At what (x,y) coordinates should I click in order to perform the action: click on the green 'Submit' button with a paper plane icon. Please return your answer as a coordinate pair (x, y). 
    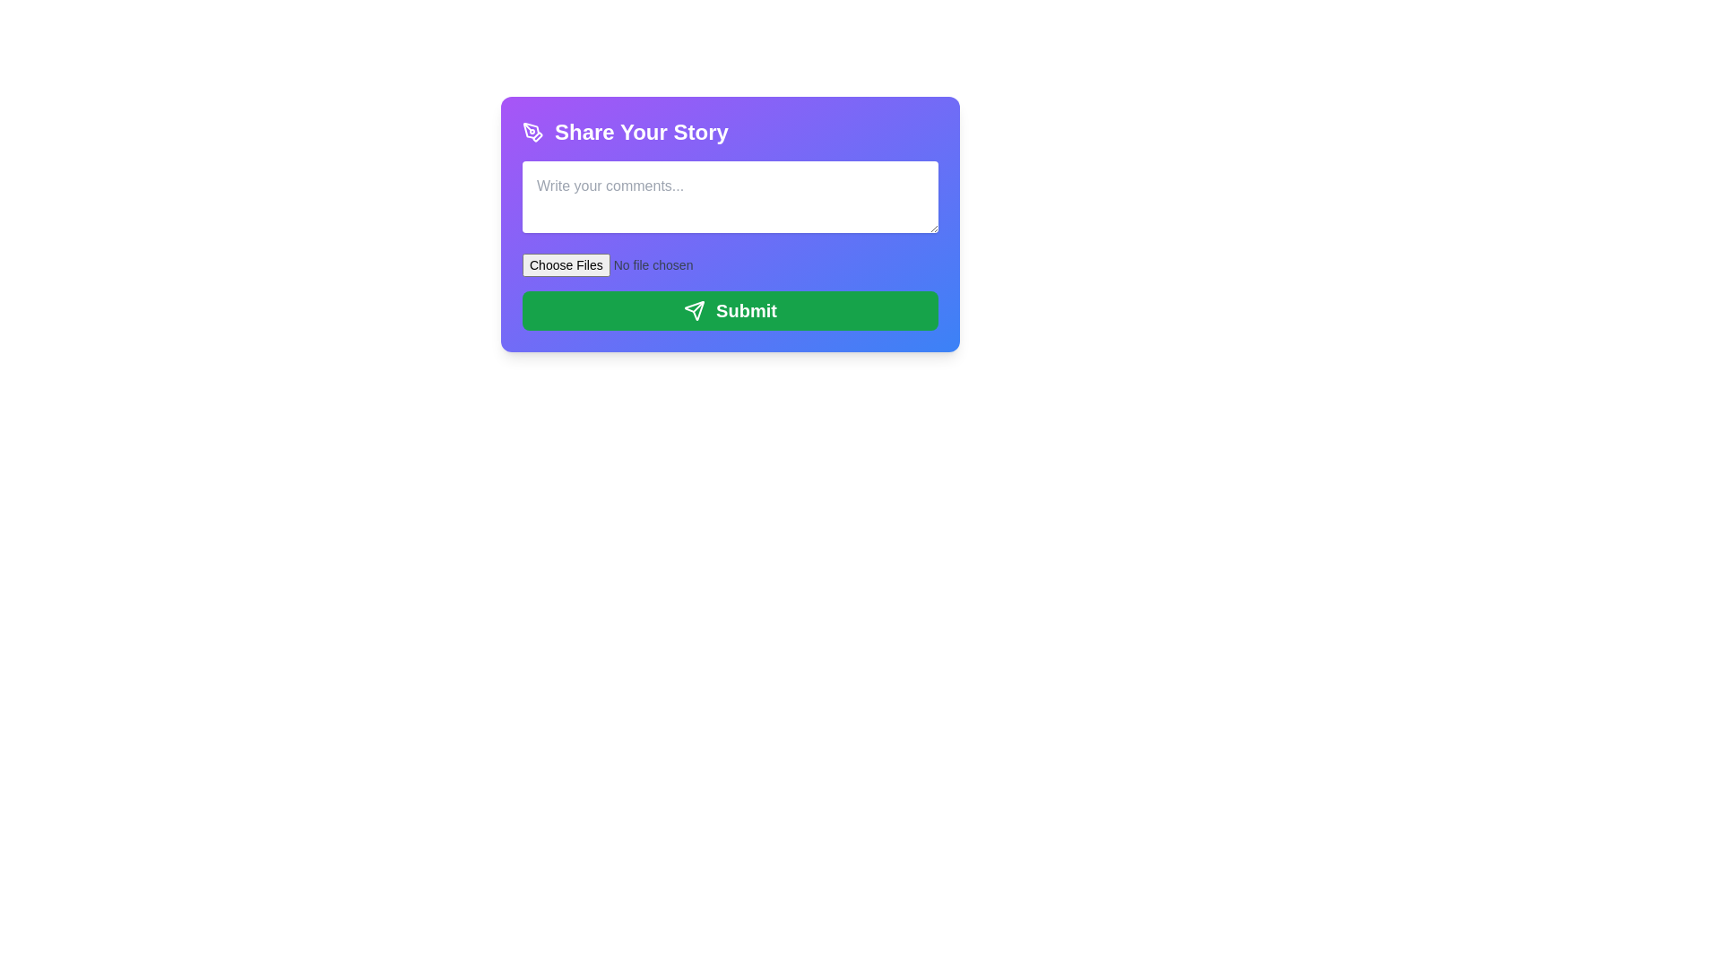
    Looking at the image, I should click on (731, 310).